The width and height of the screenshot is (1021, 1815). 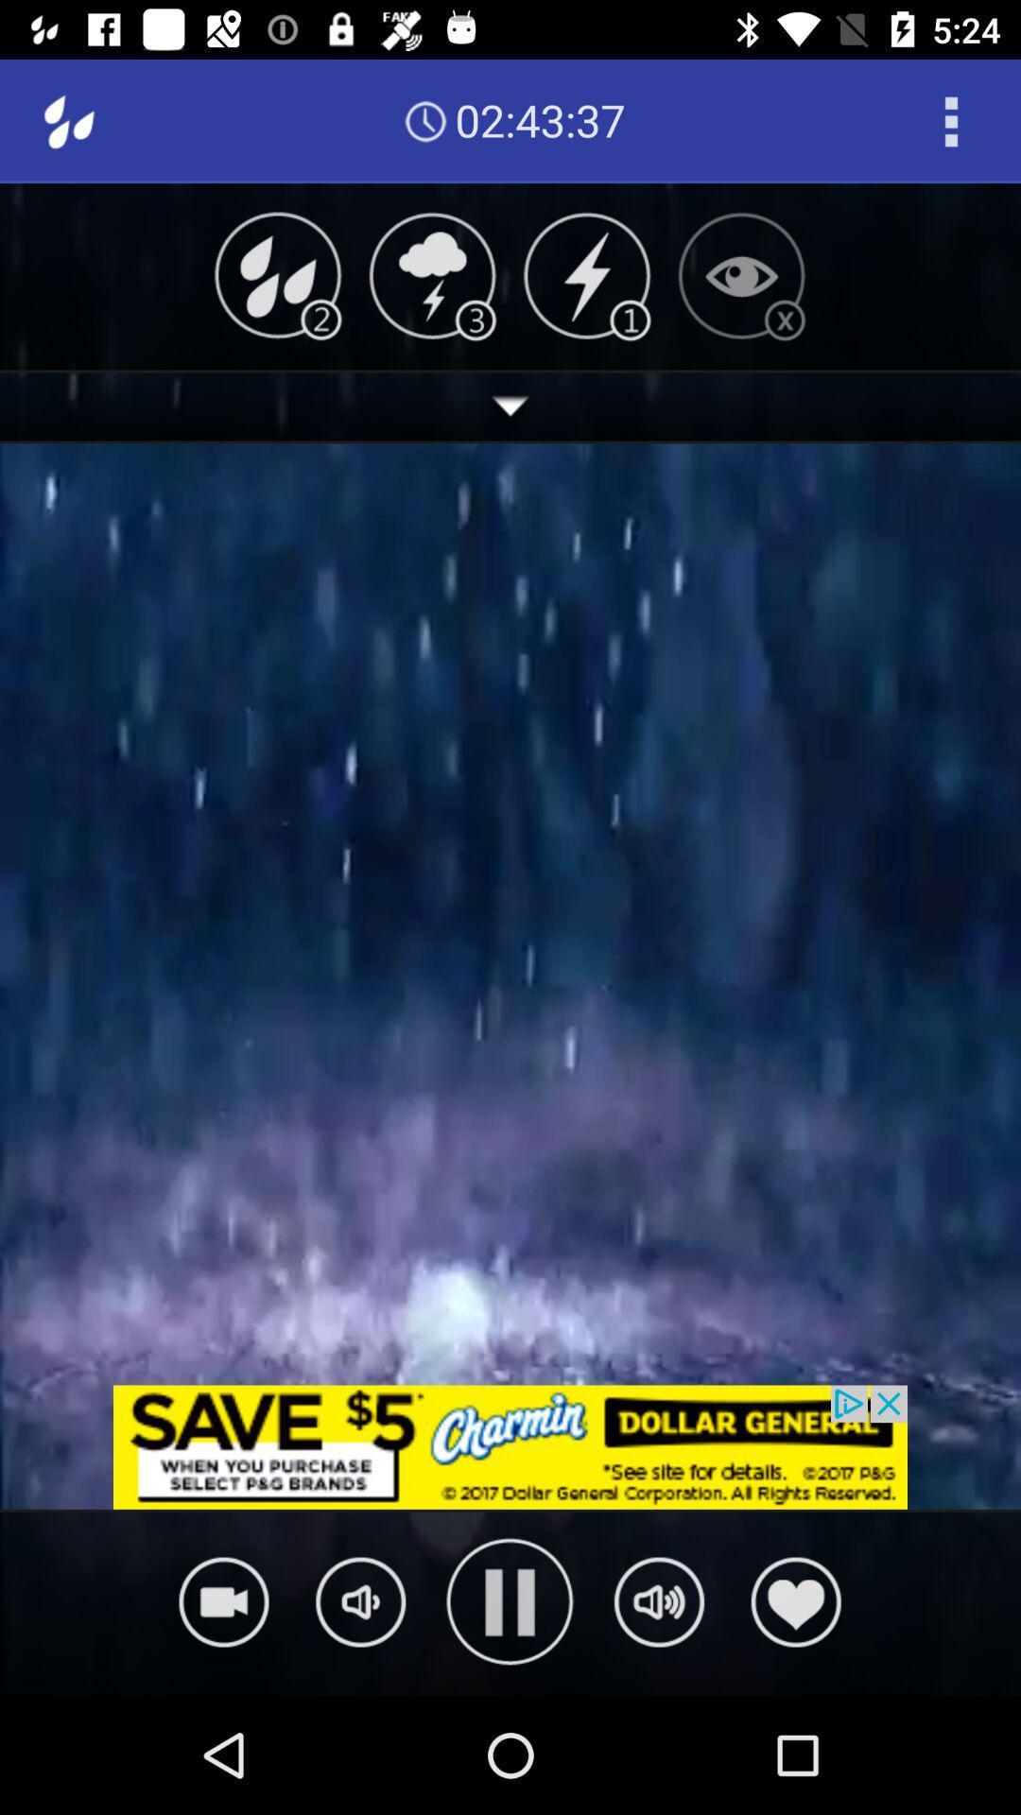 I want to click on the favorite icon, so click(x=796, y=1600).